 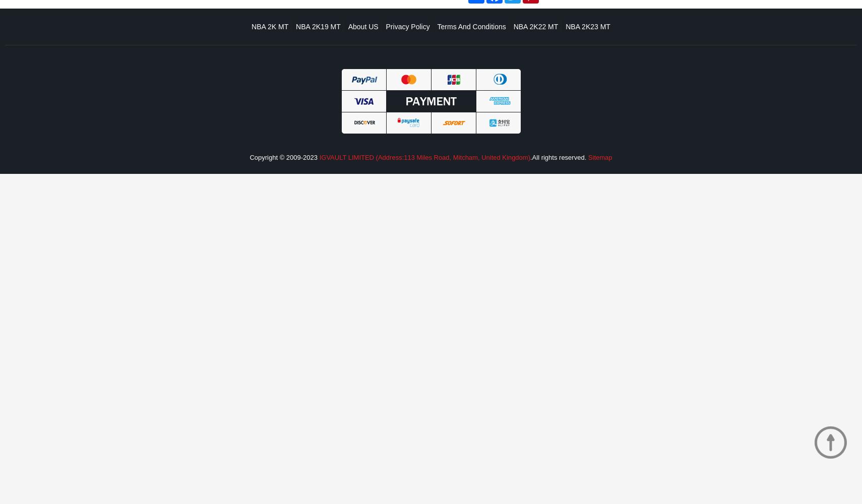 What do you see at coordinates (270, 27) in the screenshot?
I see `'NBA 2K MT'` at bounding box center [270, 27].